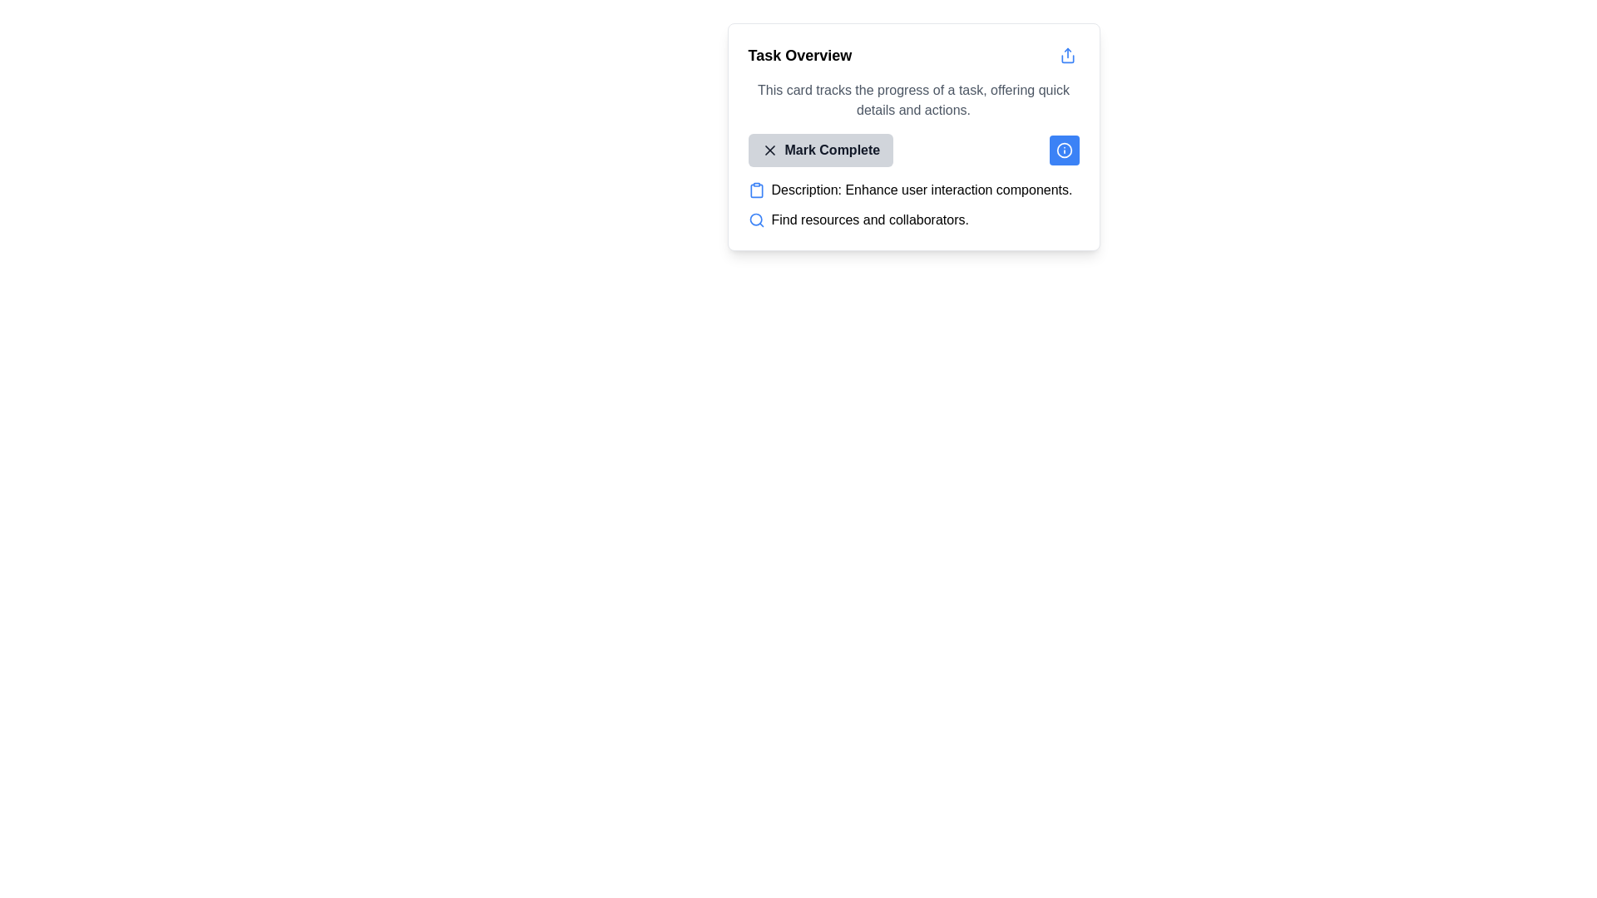 This screenshot has height=898, width=1597. Describe the element at coordinates (755, 189) in the screenshot. I see `the clipboard icon, which is blue and features thin, rounded strokes, located at the upper-left section of the description box before the text 'Description: Enhance user interaction components.'` at that location.